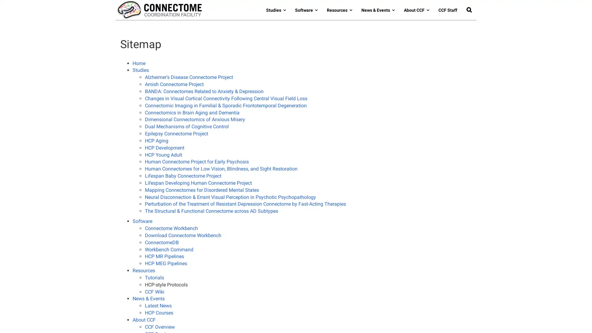  I want to click on About CCF, so click(416, 12).